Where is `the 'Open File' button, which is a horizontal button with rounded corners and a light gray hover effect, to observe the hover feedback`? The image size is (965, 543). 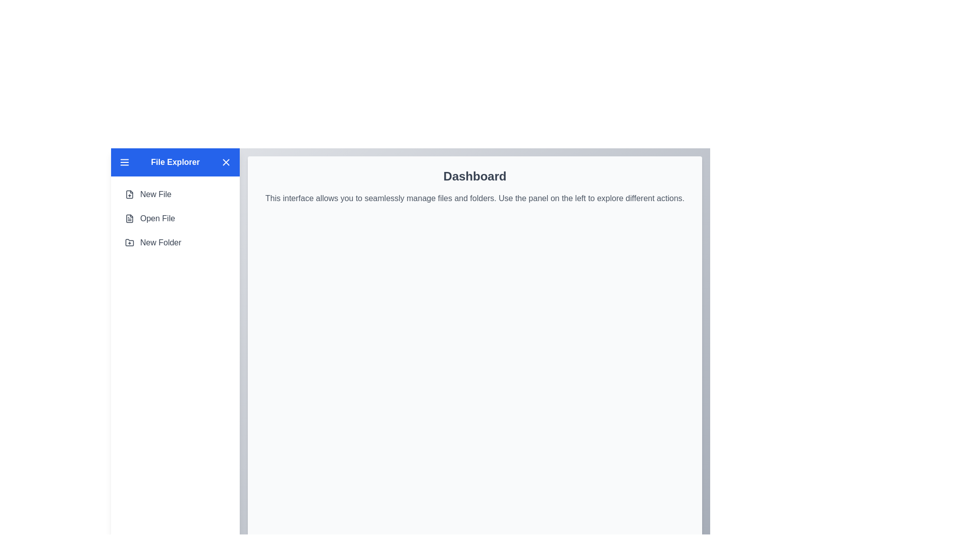 the 'Open File' button, which is a horizontal button with rounded corners and a light gray hover effect, to observe the hover feedback is located at coordinates (149, 218).